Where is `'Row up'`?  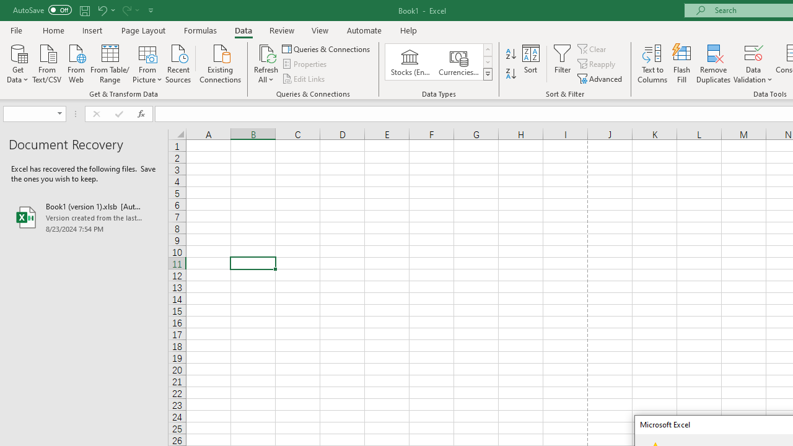 'Row up' is located at coordinates (487, 49).